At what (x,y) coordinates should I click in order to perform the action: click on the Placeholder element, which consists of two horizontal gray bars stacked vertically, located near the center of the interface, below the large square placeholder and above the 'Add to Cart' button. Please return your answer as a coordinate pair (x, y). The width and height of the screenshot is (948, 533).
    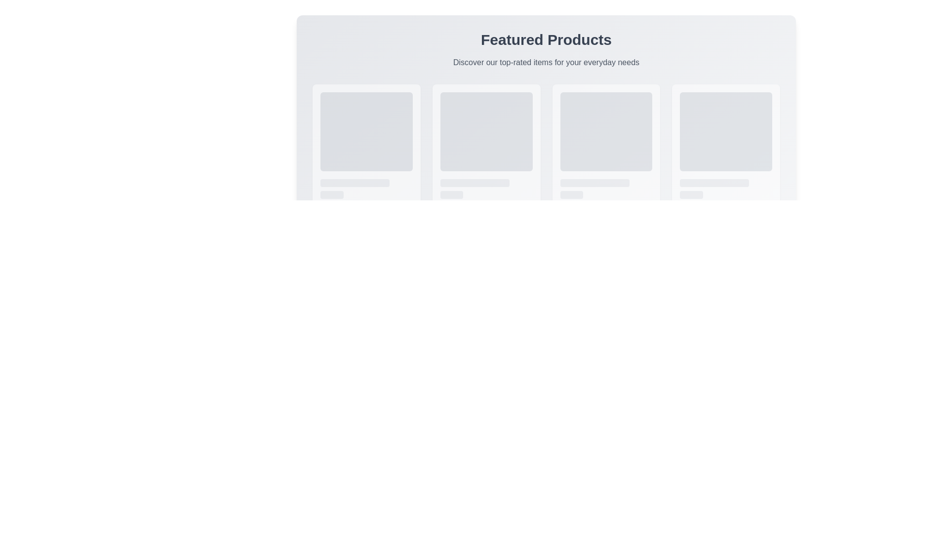
    Looking at the image, I should click on (486, 189).